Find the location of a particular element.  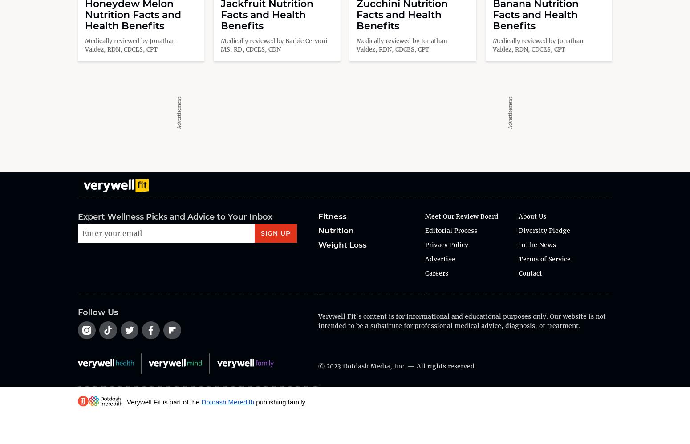

'Careers' is located at coordinates (436, 272).